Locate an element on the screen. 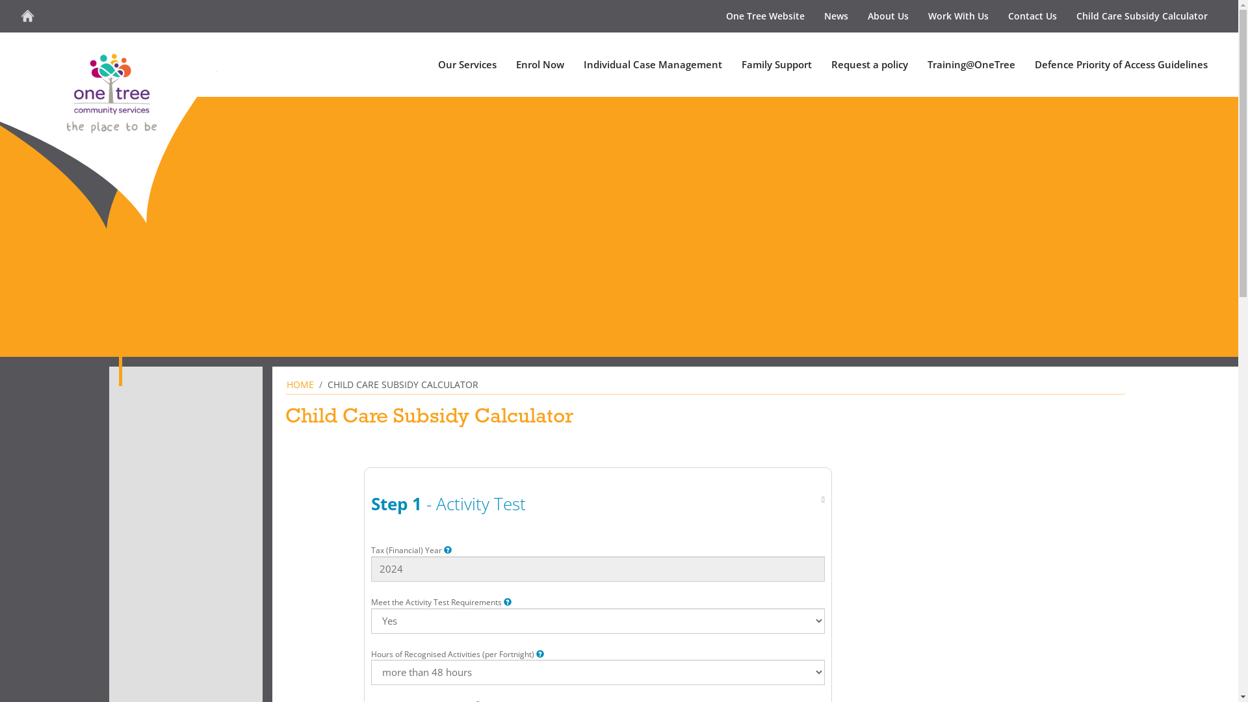 Image resolution: width=1248 pixels, height=702 pixels. 'About Us' is located at coordinates (858, 16).